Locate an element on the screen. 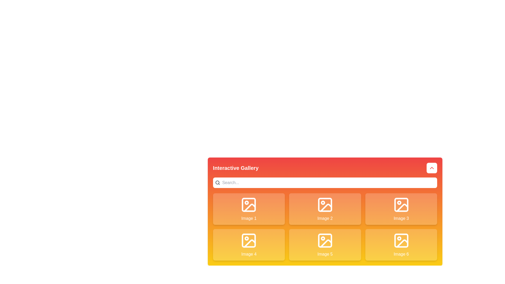  the stylized icon representing a diagonal line intersecting a rectangle, located in the fourth image tile of the second row in the interactive gallery section is located at coordinates (250, 244).